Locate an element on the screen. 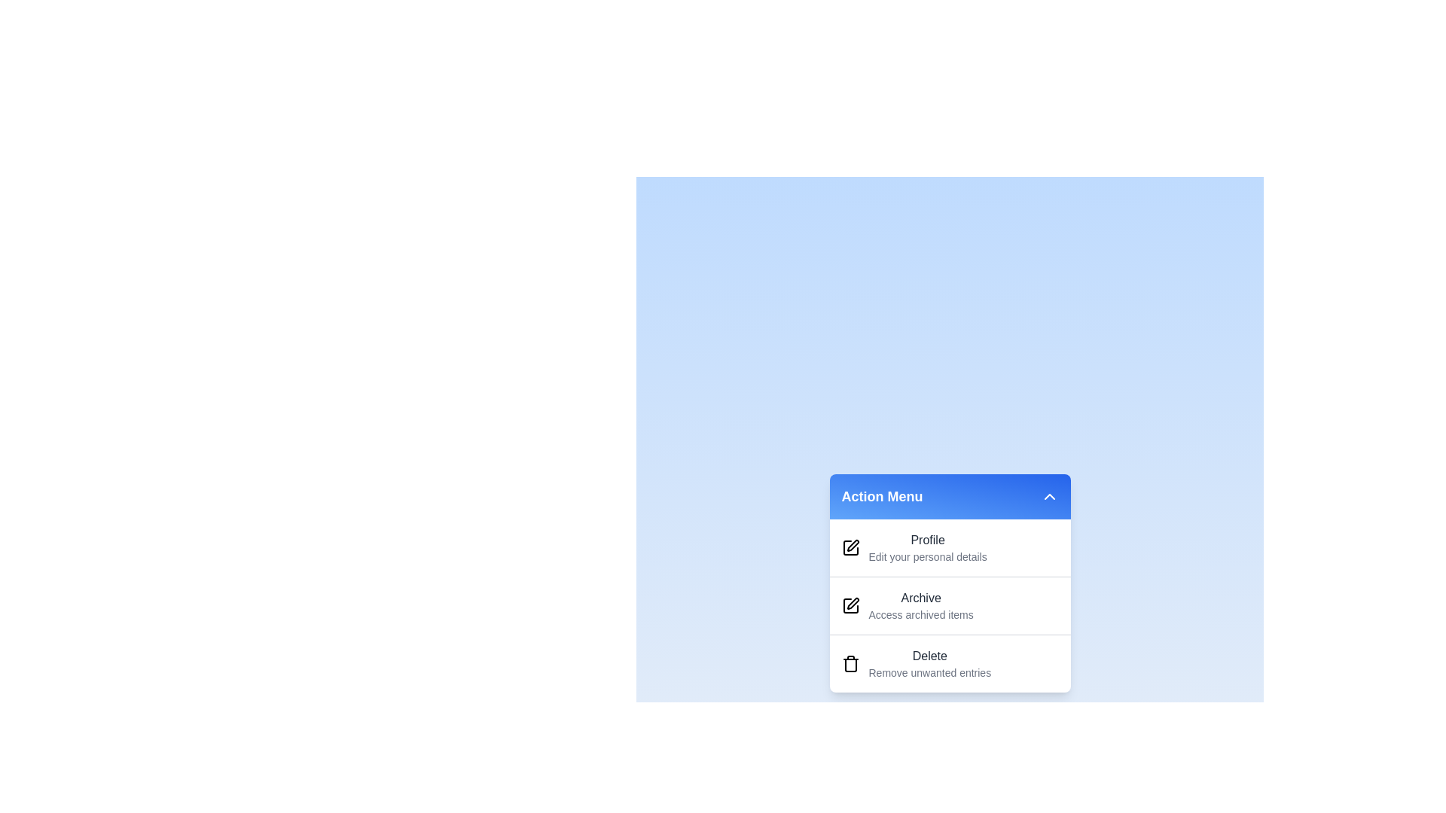 The image size is (1446, 813). the menu item corresponding to Delete is located at coordinates (904, 676).